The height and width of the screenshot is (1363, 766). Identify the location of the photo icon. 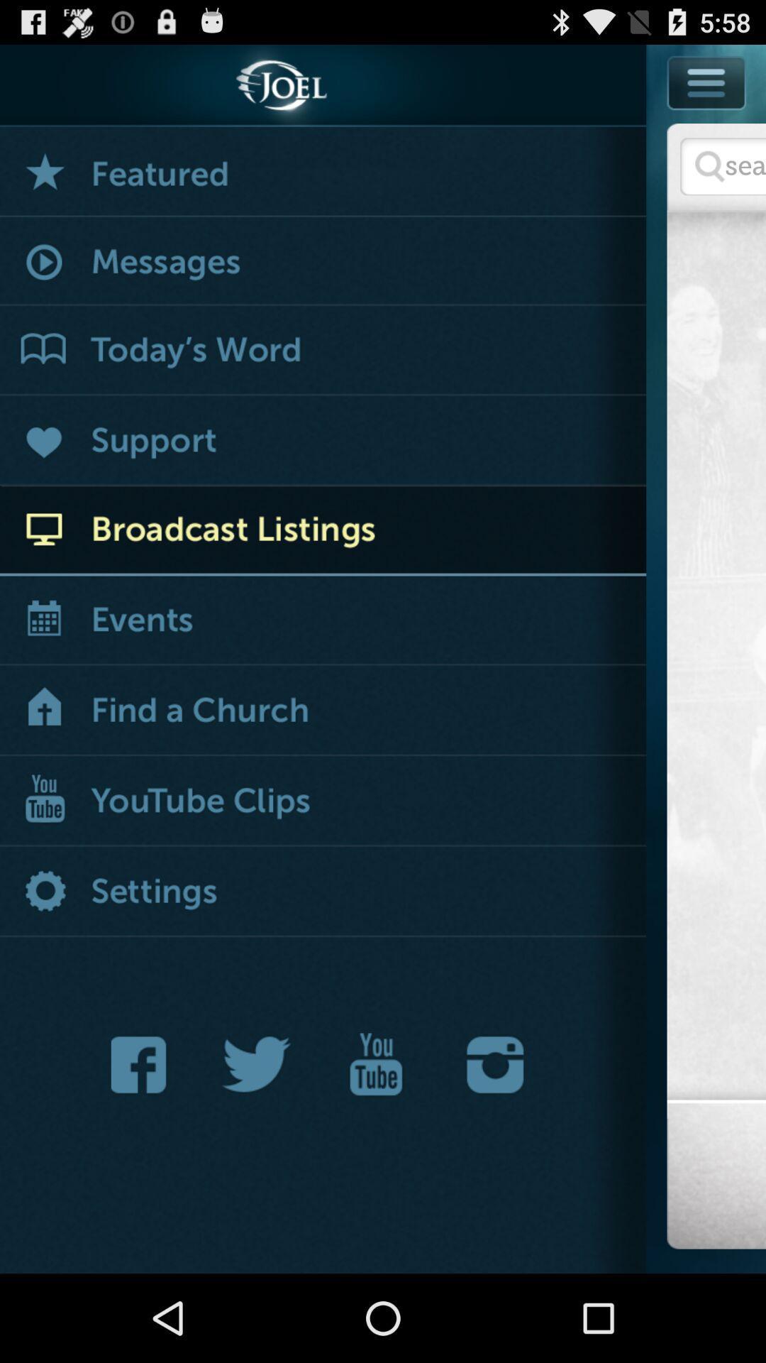
(494, 1139).